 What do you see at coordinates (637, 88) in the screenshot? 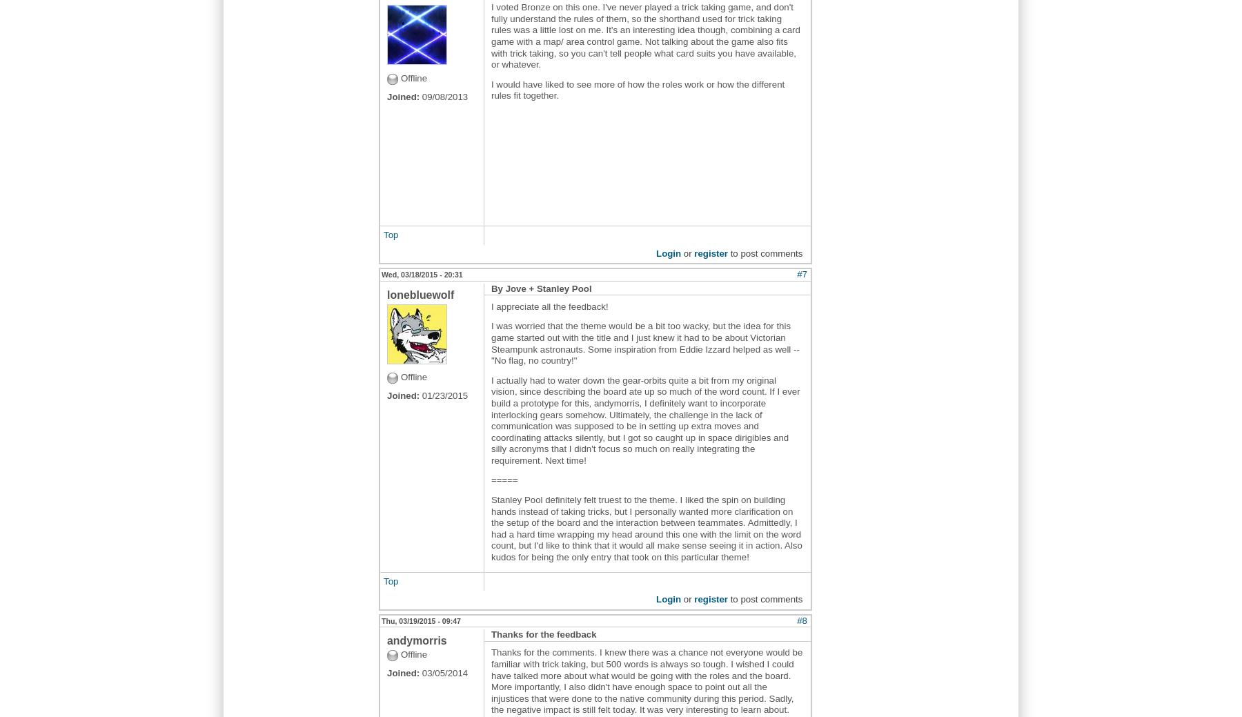
I see `'I would have liked to see more of how the roles work or how the different rules fit together.'` at bounding box center [637, 88].